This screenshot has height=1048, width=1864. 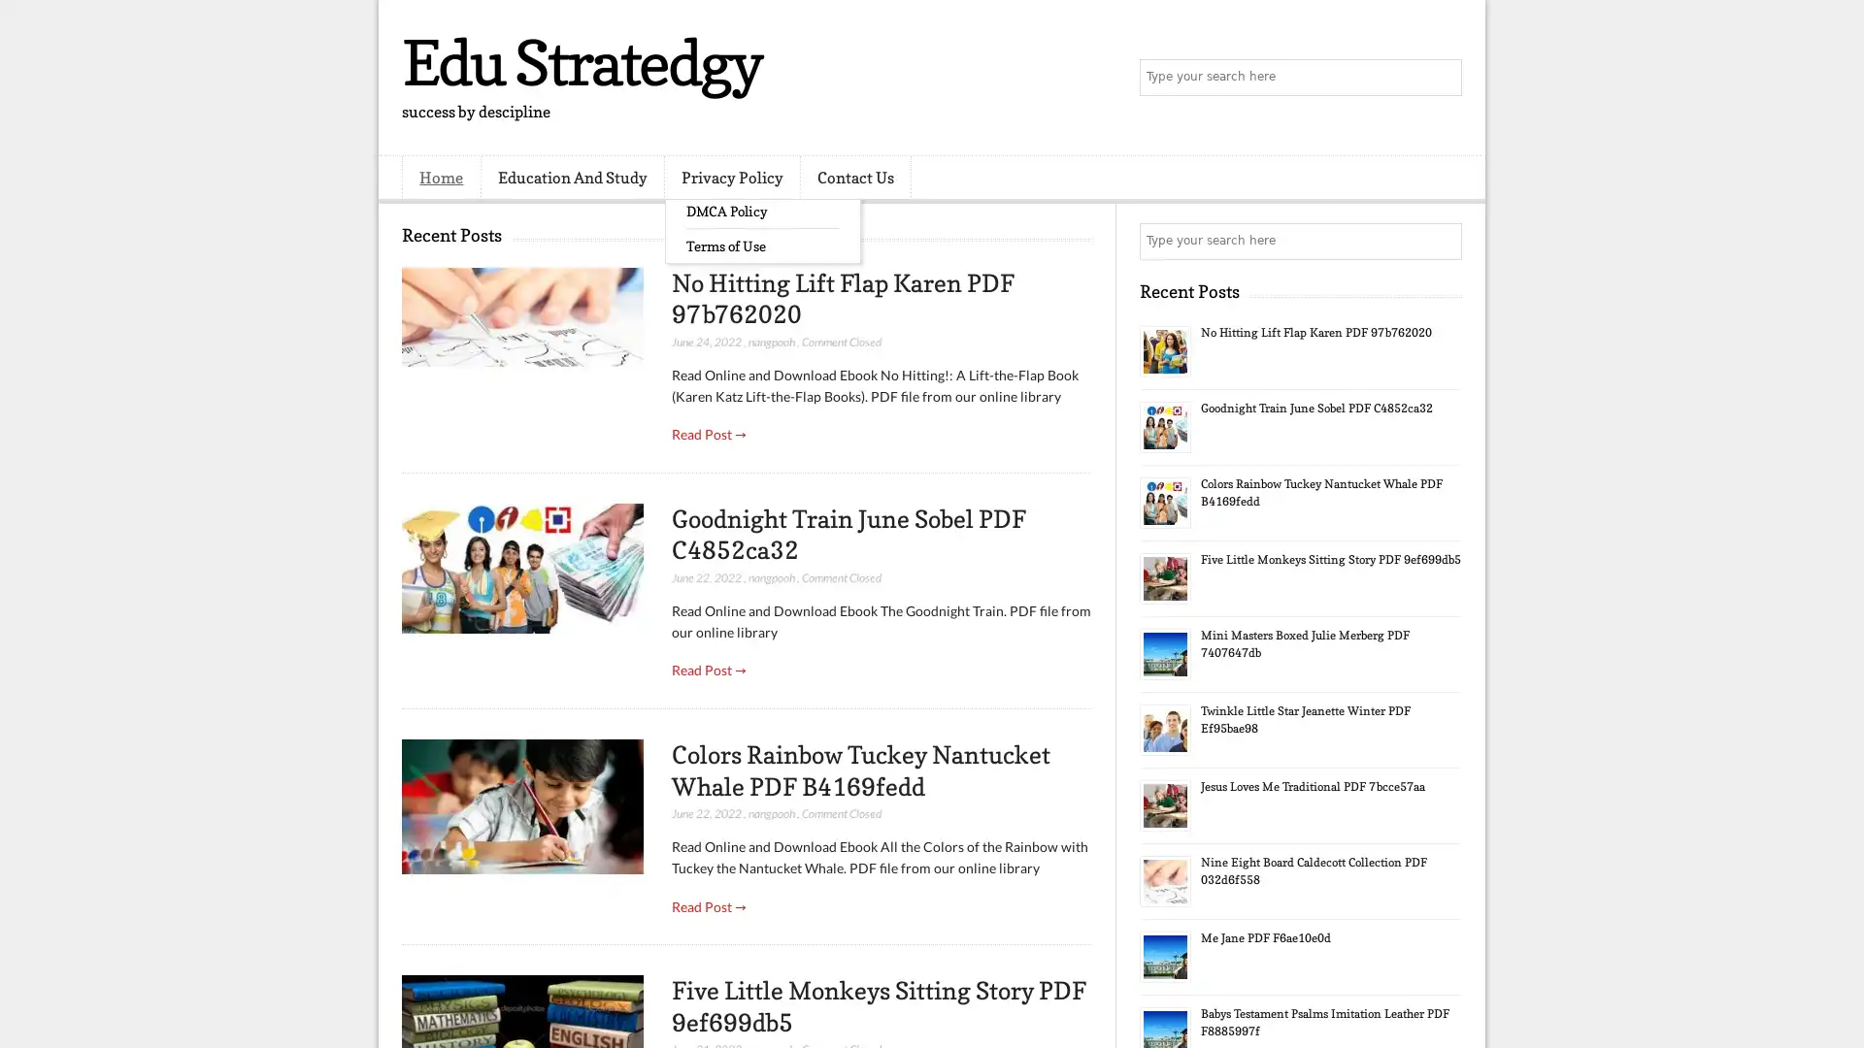 I want to click on Search, so click(x=1442, y=78).